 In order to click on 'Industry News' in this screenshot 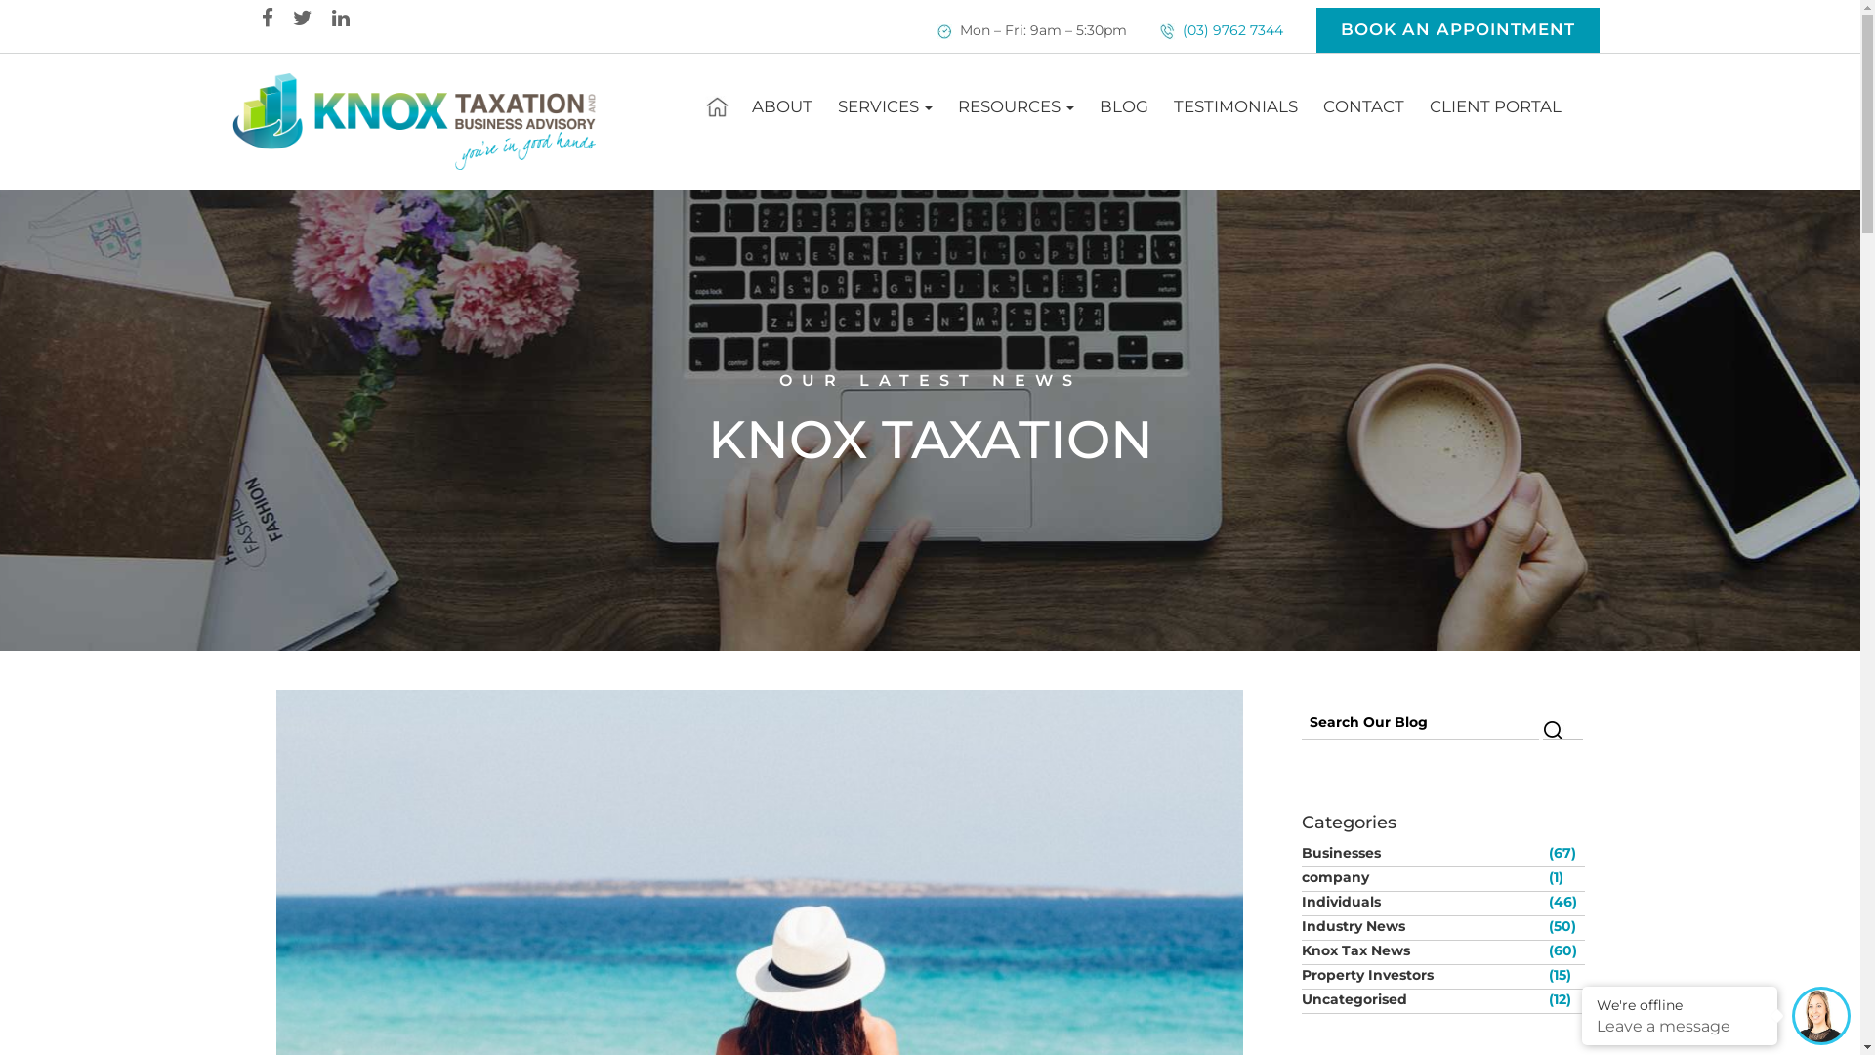, I will do `click(1300, 925)`.